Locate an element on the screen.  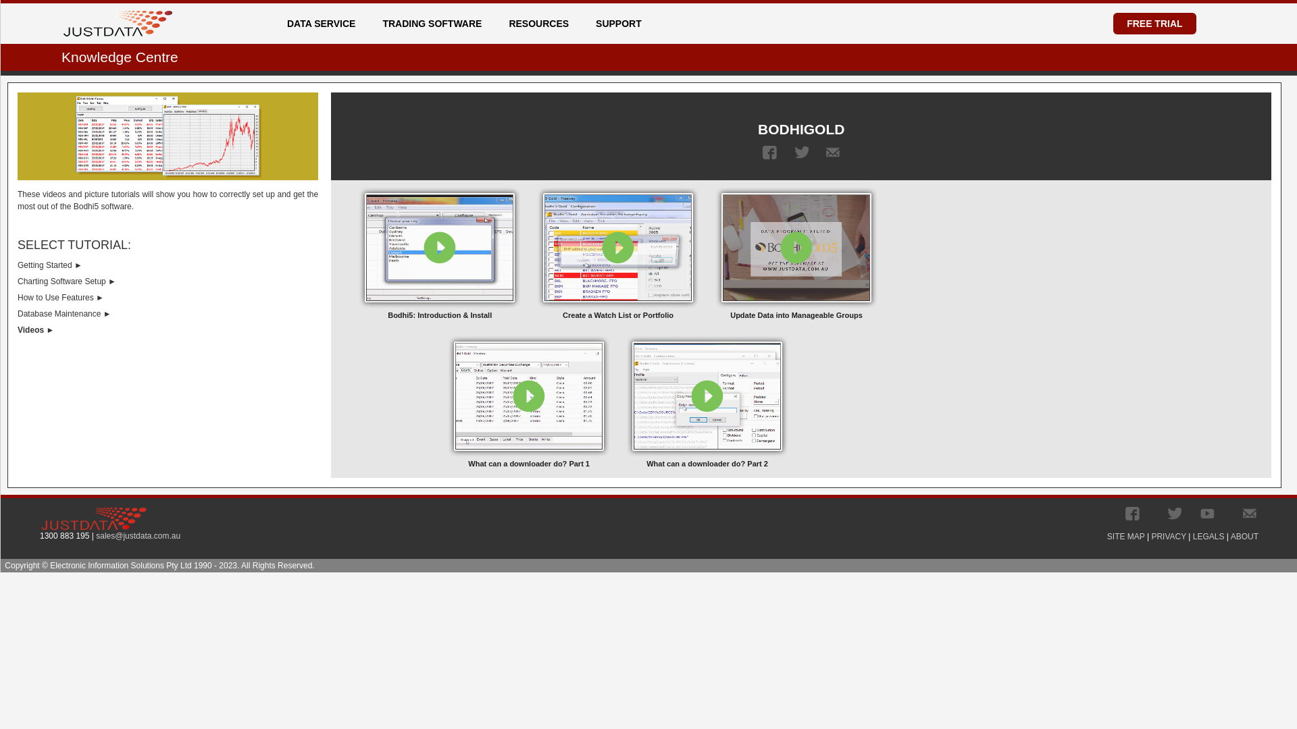
'Home Page' is located at coordinates (118, 23).